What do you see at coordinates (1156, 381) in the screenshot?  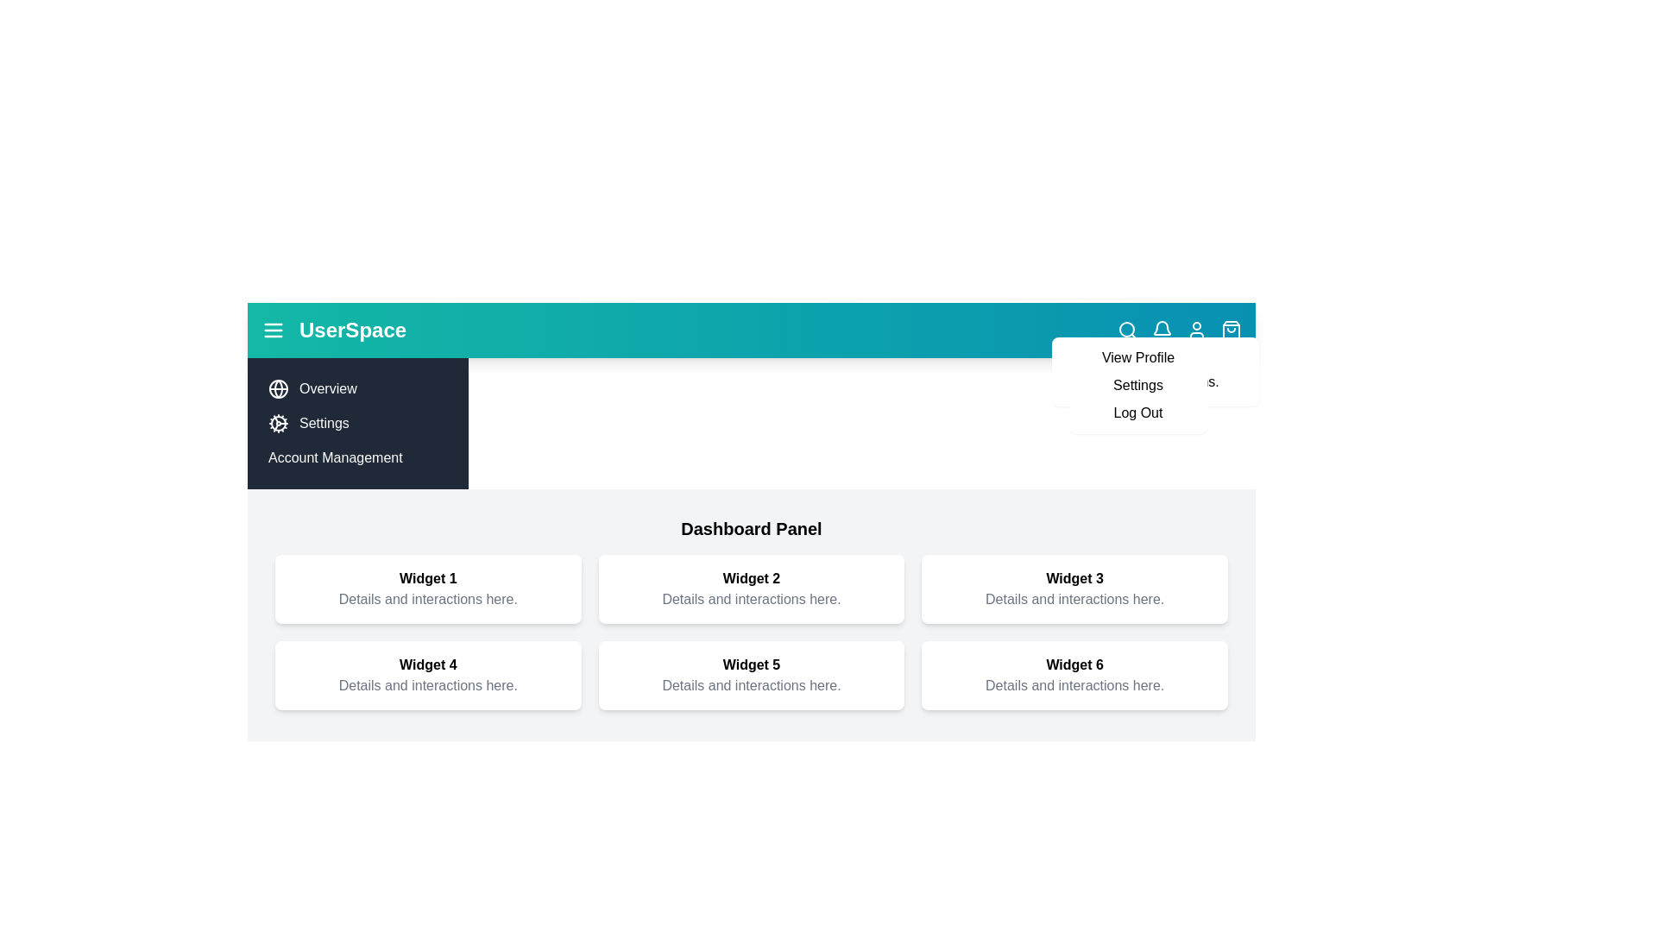 I see `text displayed in the notification indicator located below the heading 'Notifications' in the notification panel` at bounding box center [1156, 381].